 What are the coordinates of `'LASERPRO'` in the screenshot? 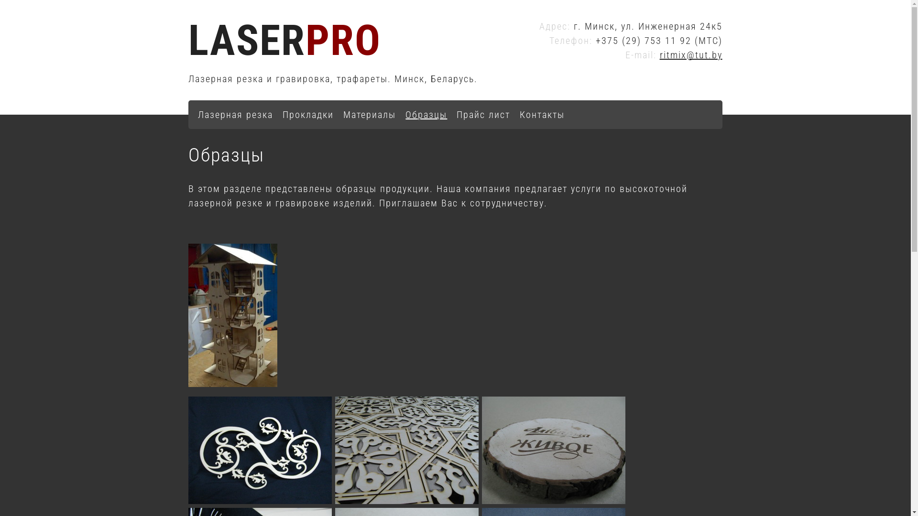 It's located at (284, 40).